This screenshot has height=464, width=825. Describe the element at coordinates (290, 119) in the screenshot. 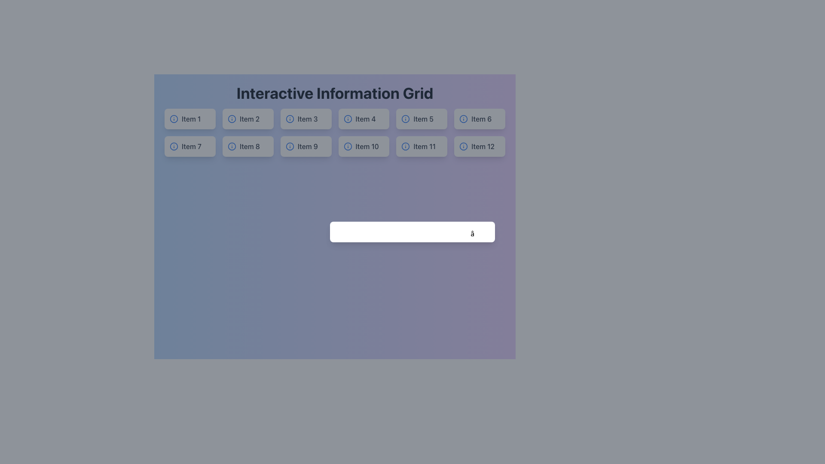

I see `the circular 'info' icon with a blue stroke located next to the 'Item 3' label in the grid layout` at that location.